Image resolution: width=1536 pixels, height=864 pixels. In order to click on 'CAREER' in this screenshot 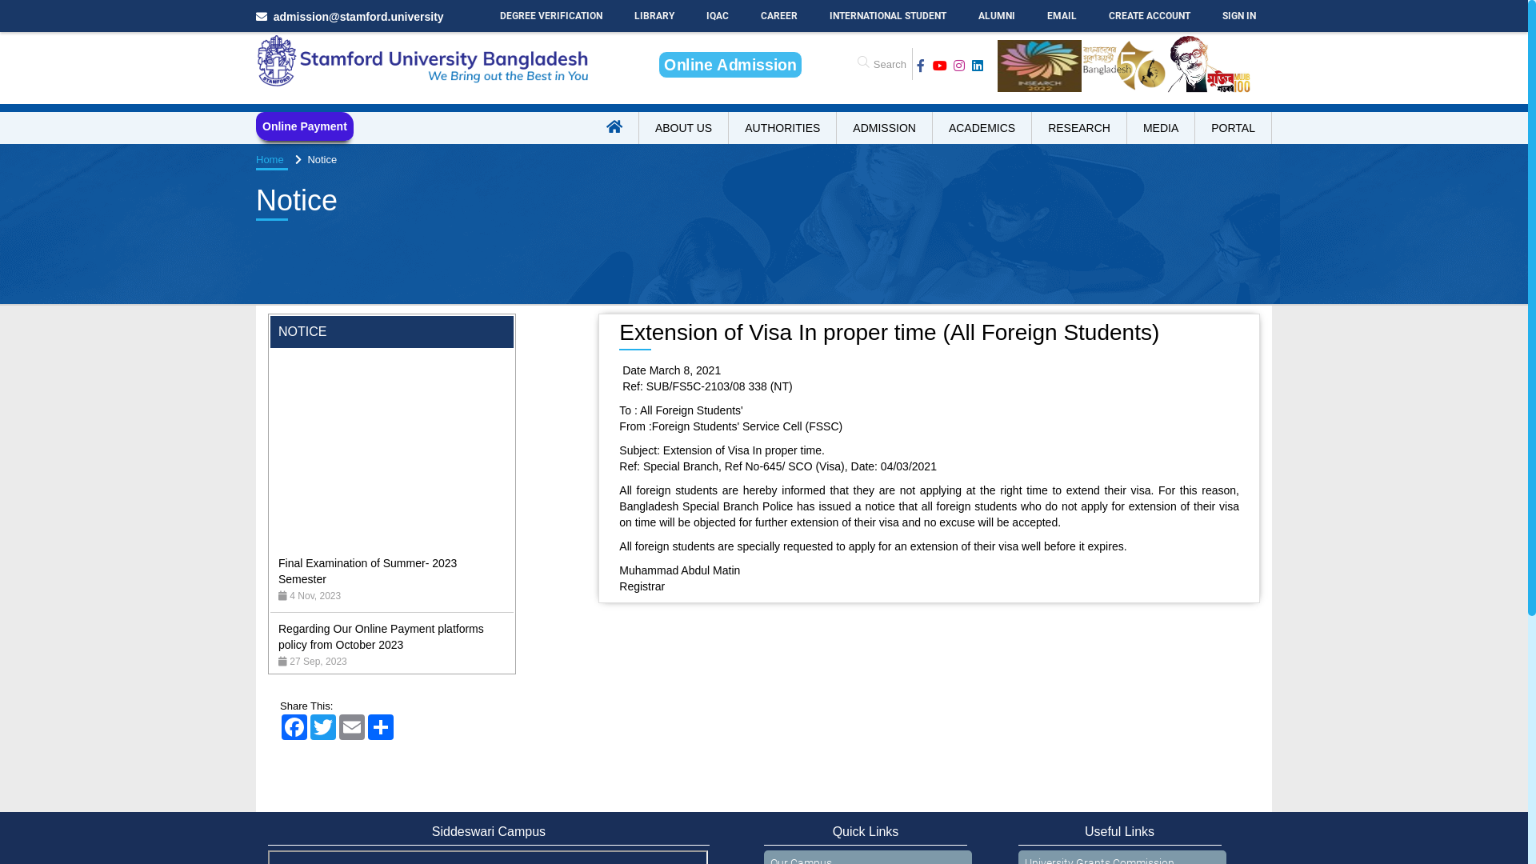, I will do `click(779, 15)`.